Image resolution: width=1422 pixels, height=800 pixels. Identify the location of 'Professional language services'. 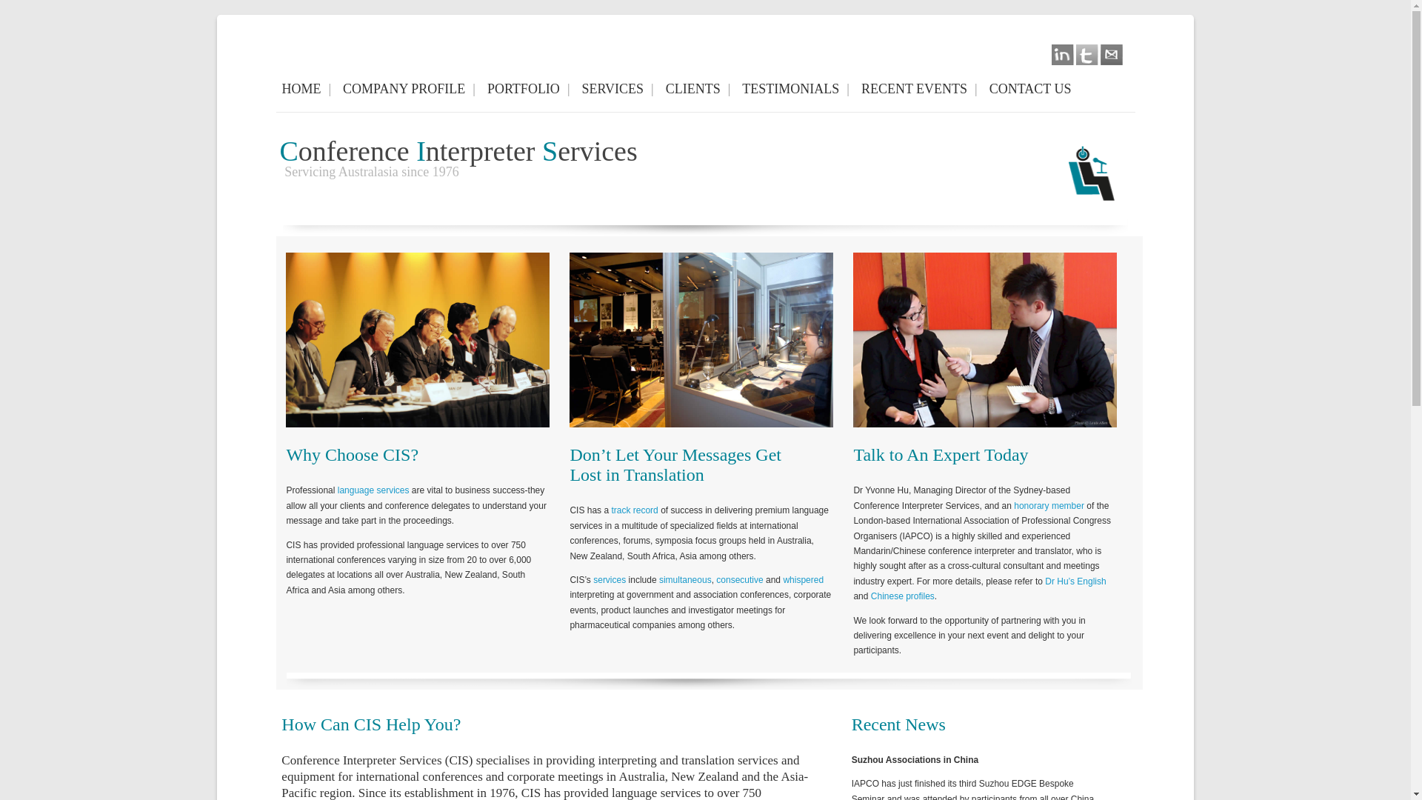
(285, 340).